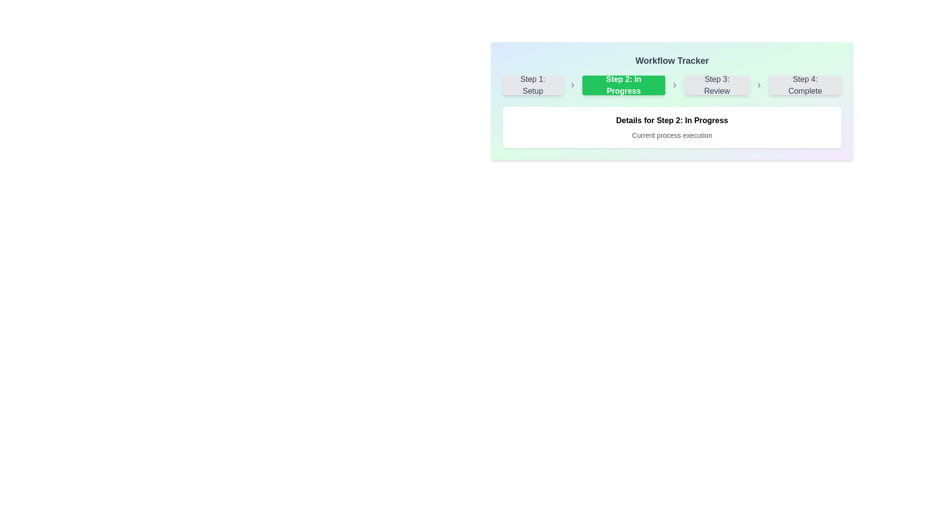  I want to click on the 'Step 1: Setup' button, which is a rectangular button with rounded corners, light gray color, and dark gray text, positioned to the far left in a horizontal sequence of workflow steps, so click(532, 84).